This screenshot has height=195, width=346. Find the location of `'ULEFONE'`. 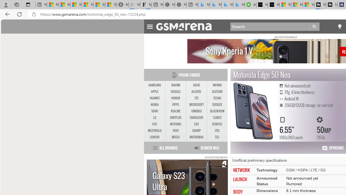

'ULEFONE' is located at coordinates (217, 91).